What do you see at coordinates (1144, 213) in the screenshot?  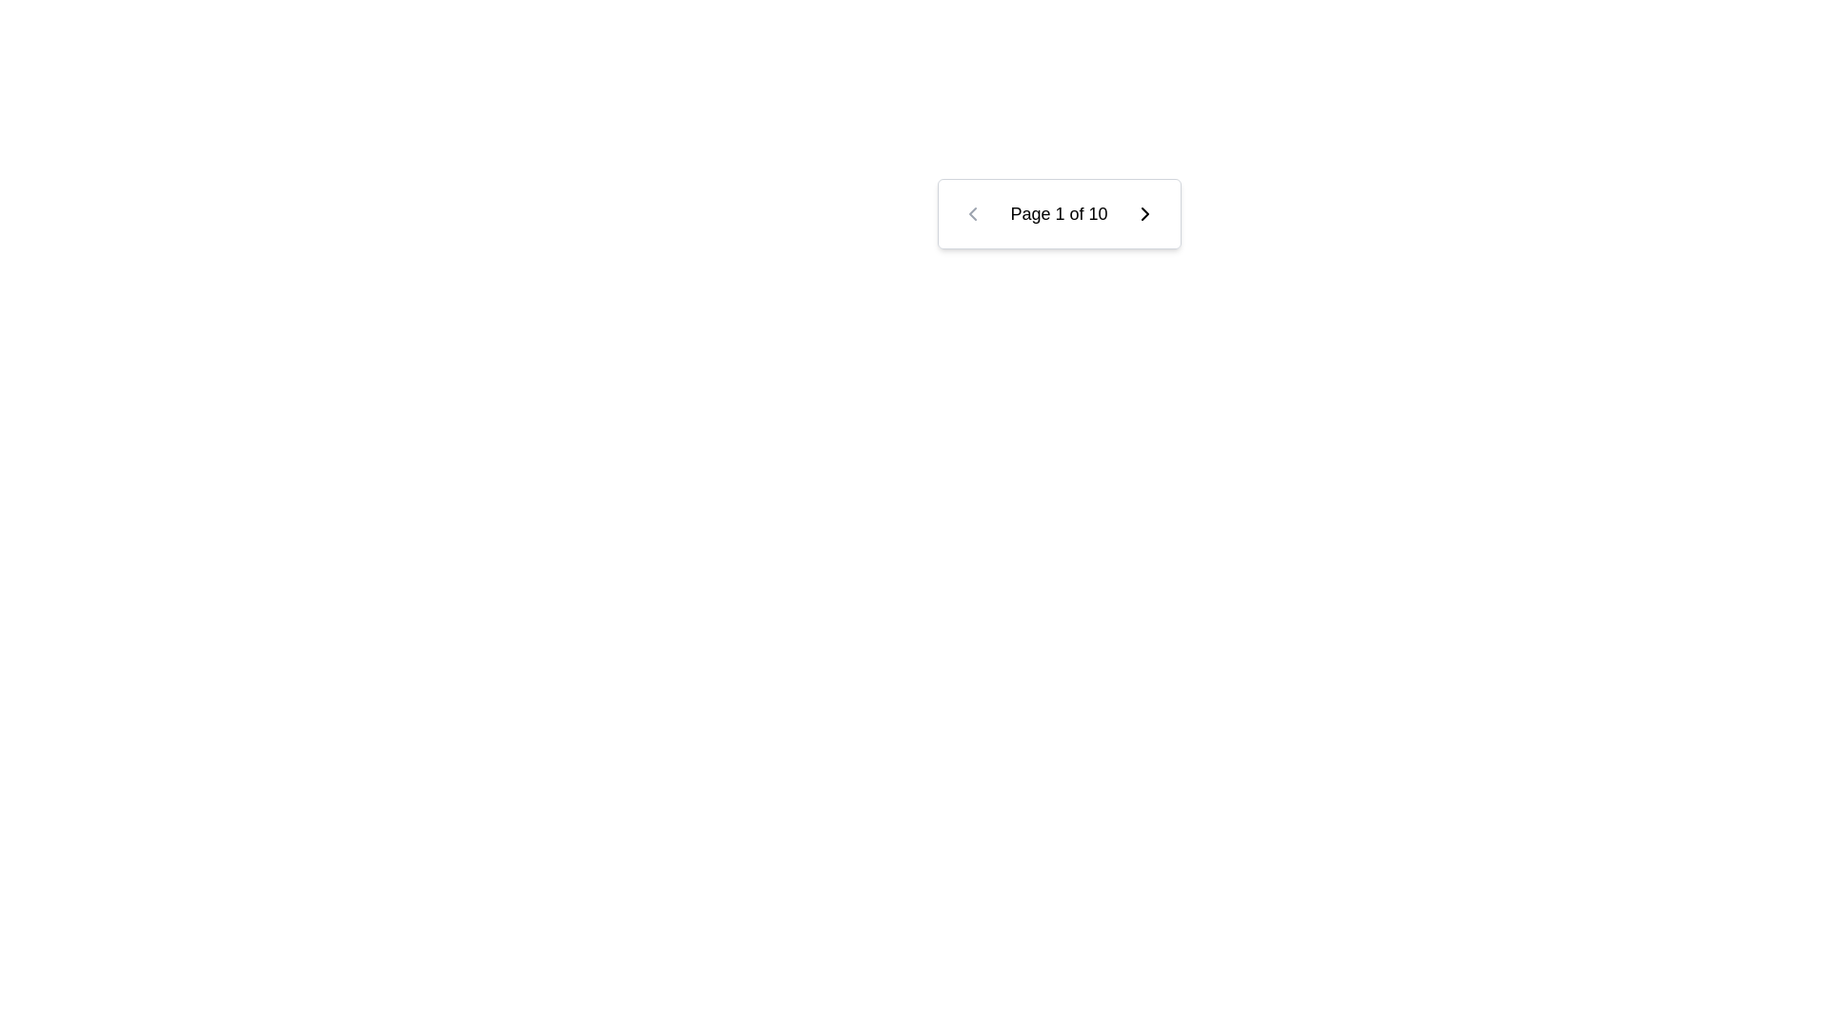 I see `the Chevron Icon located at the center-right of the navigation control to move to the next page` at bounding box center [1144, 213].